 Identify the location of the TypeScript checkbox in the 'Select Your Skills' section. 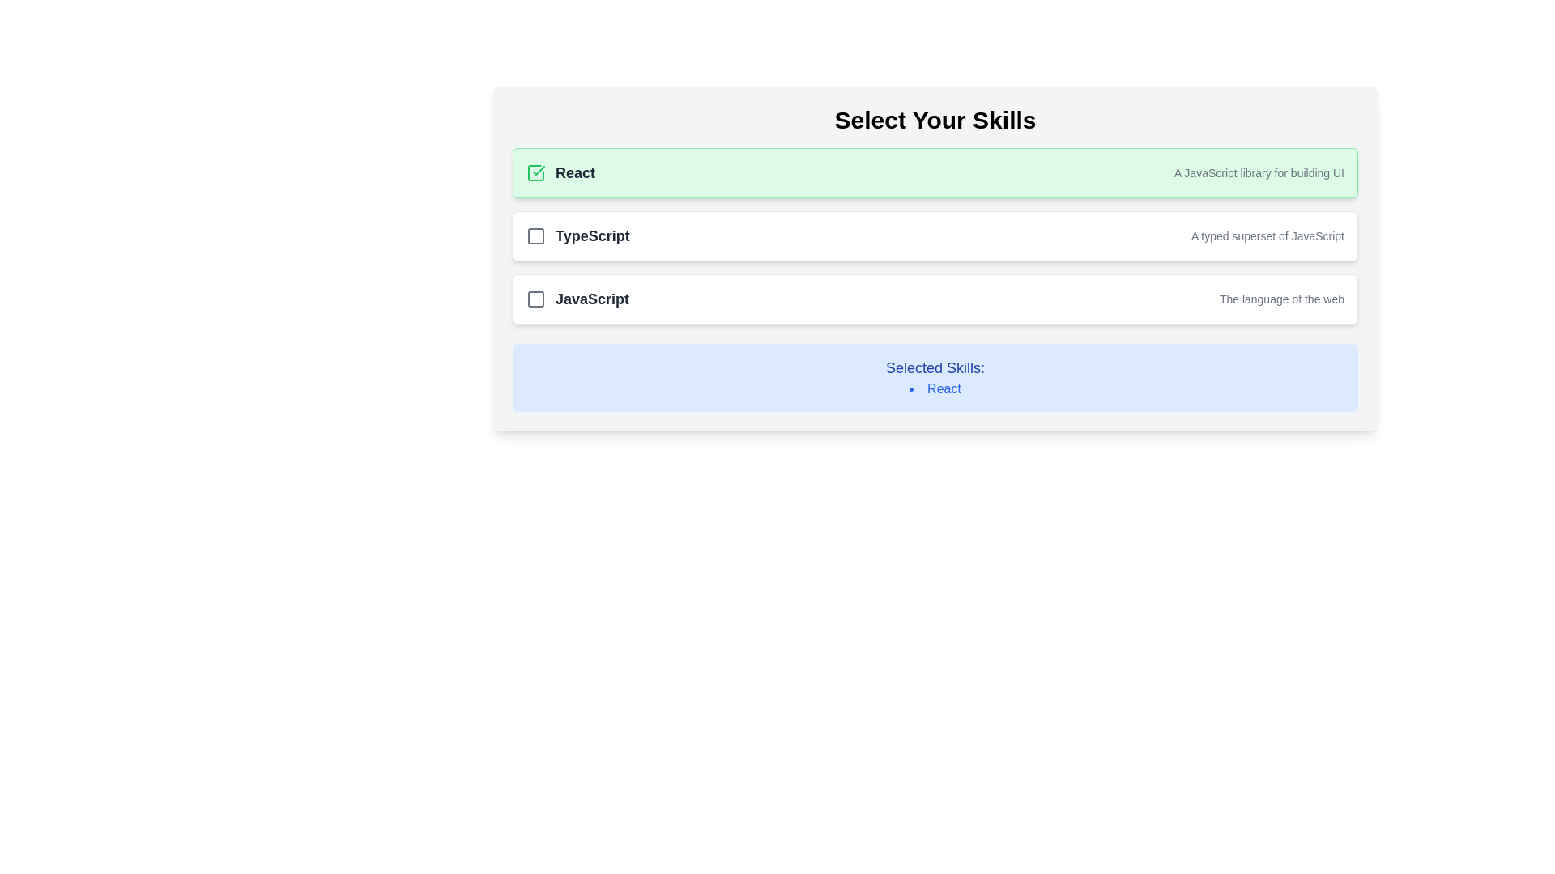
(935, 236).